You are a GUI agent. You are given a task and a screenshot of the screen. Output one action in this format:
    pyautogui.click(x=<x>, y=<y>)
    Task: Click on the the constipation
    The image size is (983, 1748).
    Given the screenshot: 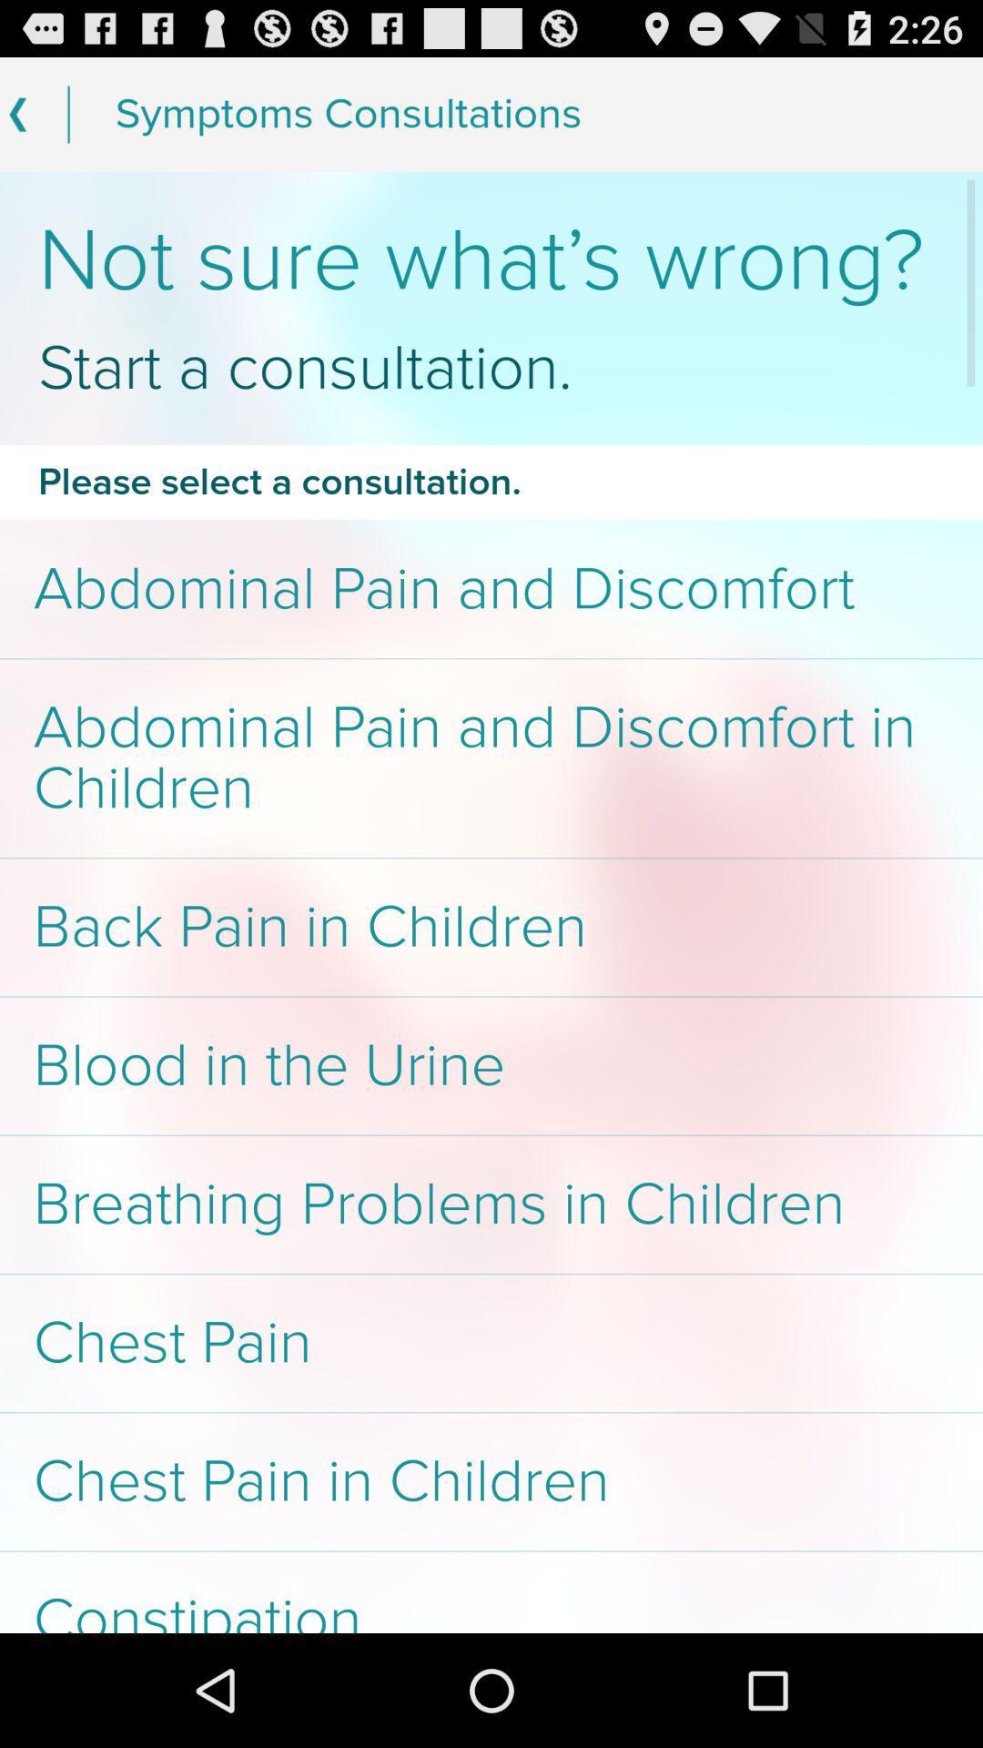 What is the action you would take?
    pyautogui.click(x=491, y=1591)
    